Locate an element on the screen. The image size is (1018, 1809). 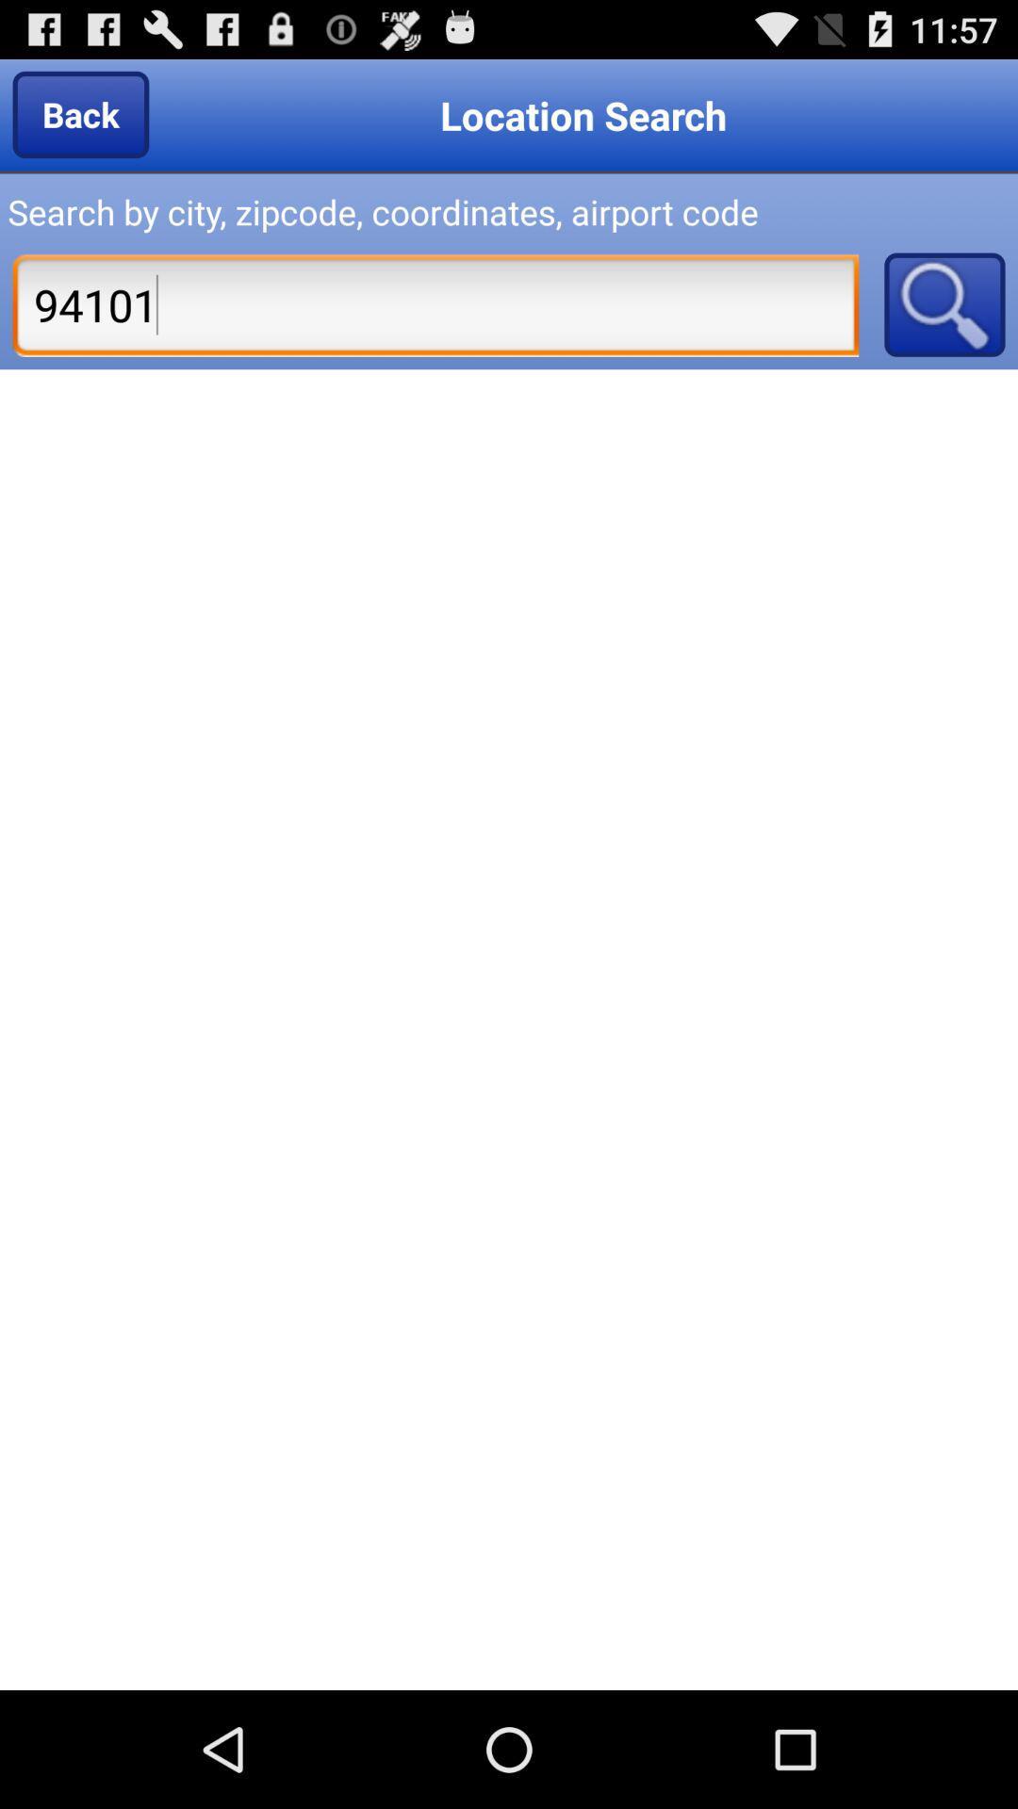
the search icon is located at coordinates (944, 326).